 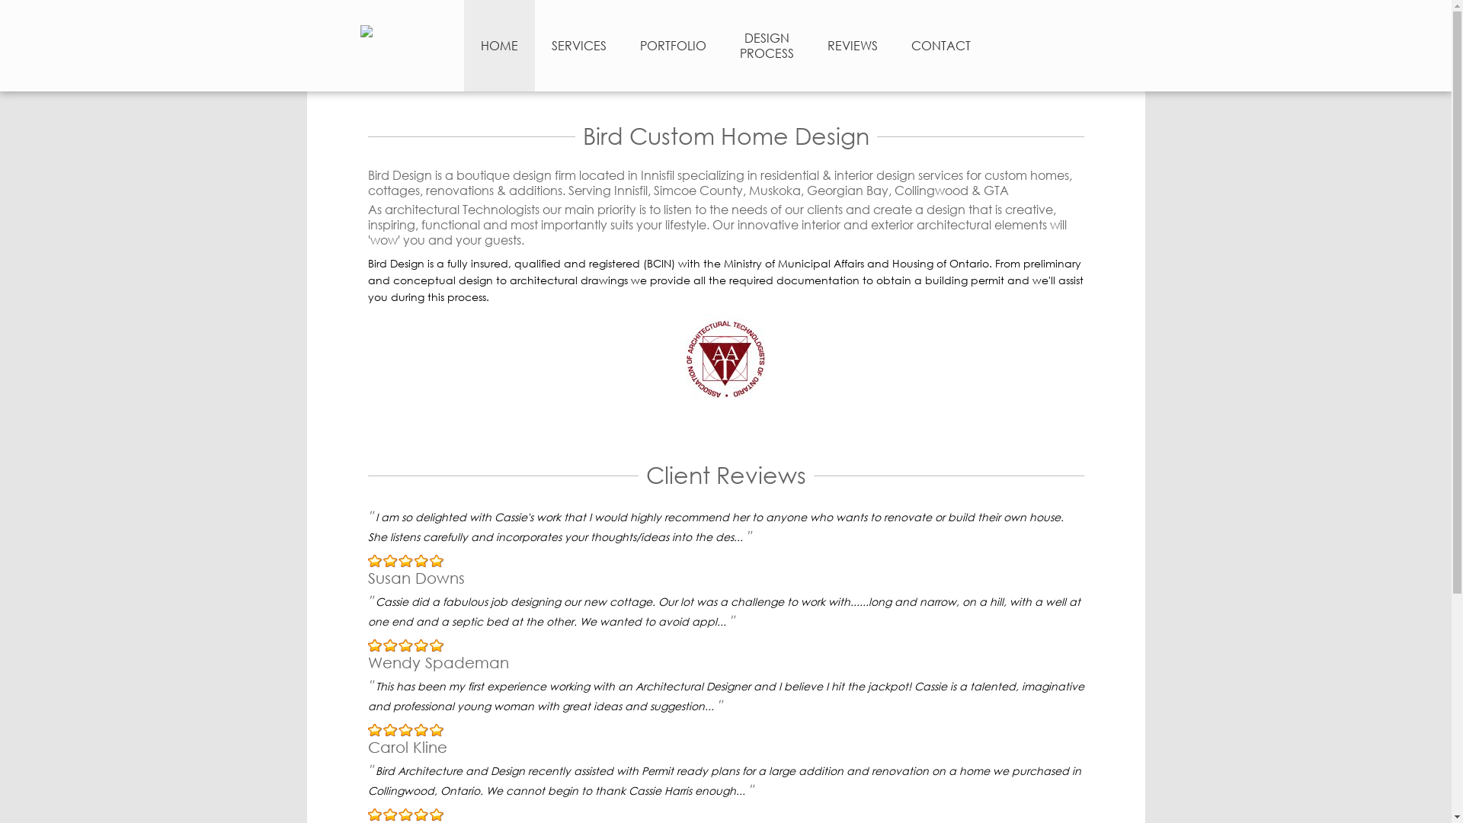 I want to click on 'HOME', so click(x=463, y=45).